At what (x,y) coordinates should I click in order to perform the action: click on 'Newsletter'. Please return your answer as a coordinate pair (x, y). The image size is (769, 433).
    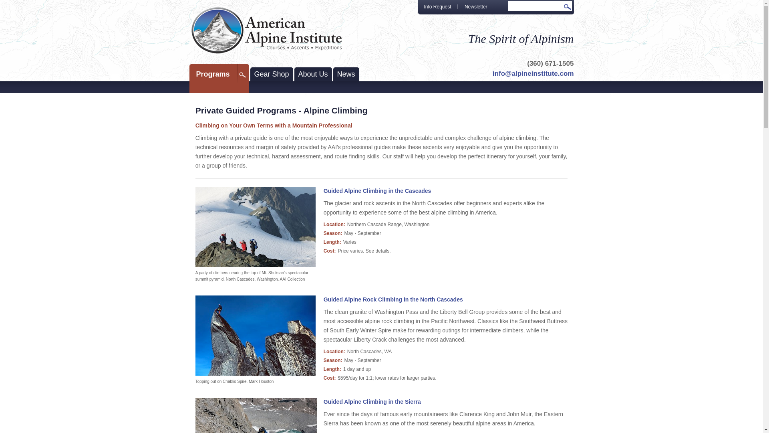
    Looking at the image, I should click on (476, 8).